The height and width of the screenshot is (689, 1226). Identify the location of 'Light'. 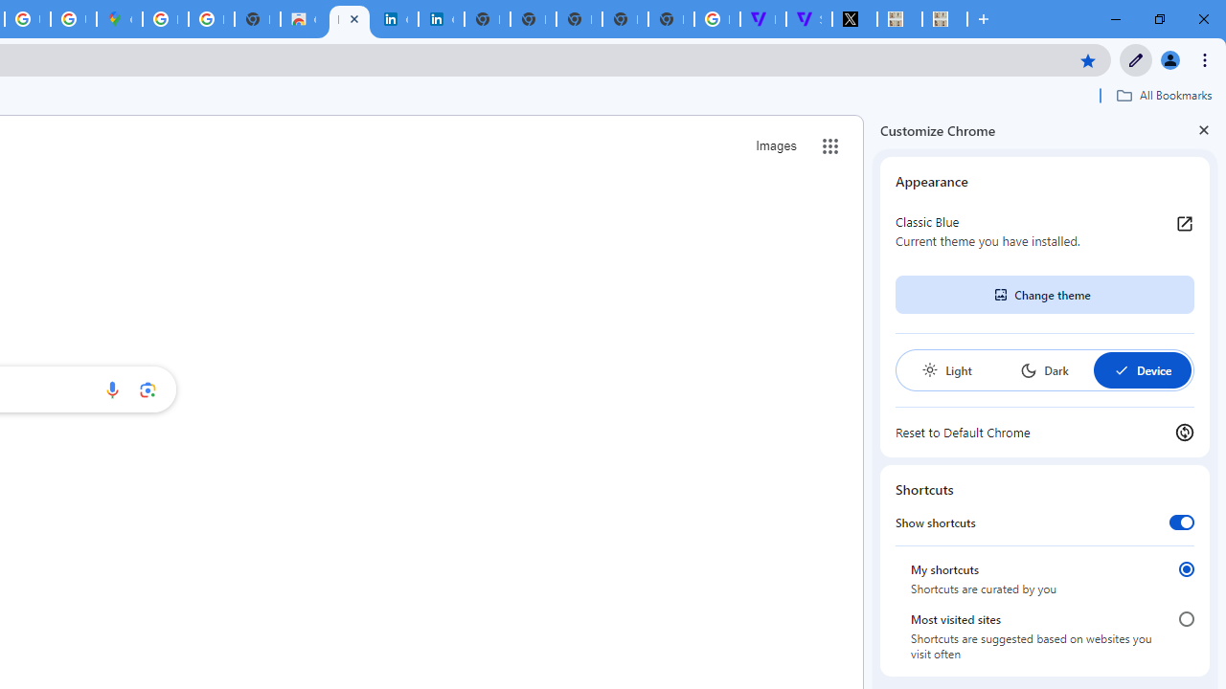
(946, 370).